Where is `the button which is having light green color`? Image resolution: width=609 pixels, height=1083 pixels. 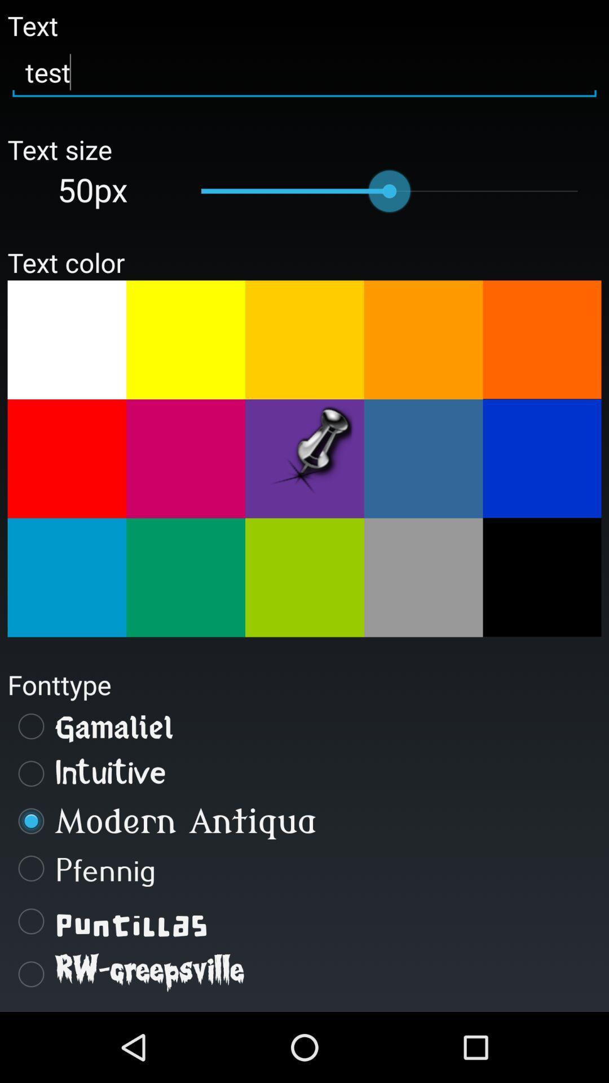 the button which is having light green color is located at coordinates (304, 578).